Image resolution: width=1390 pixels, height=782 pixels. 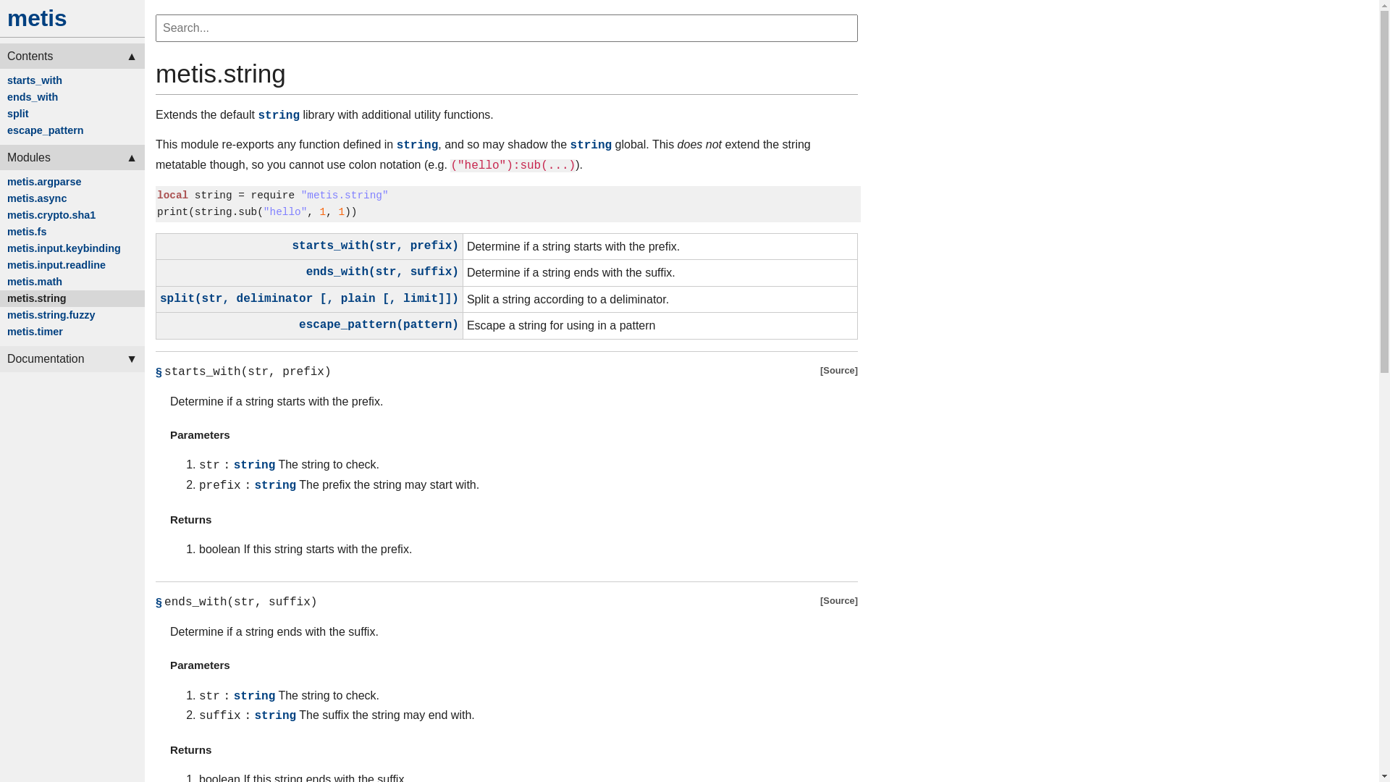 I want to click on 'string', so click(x=396, y=145).